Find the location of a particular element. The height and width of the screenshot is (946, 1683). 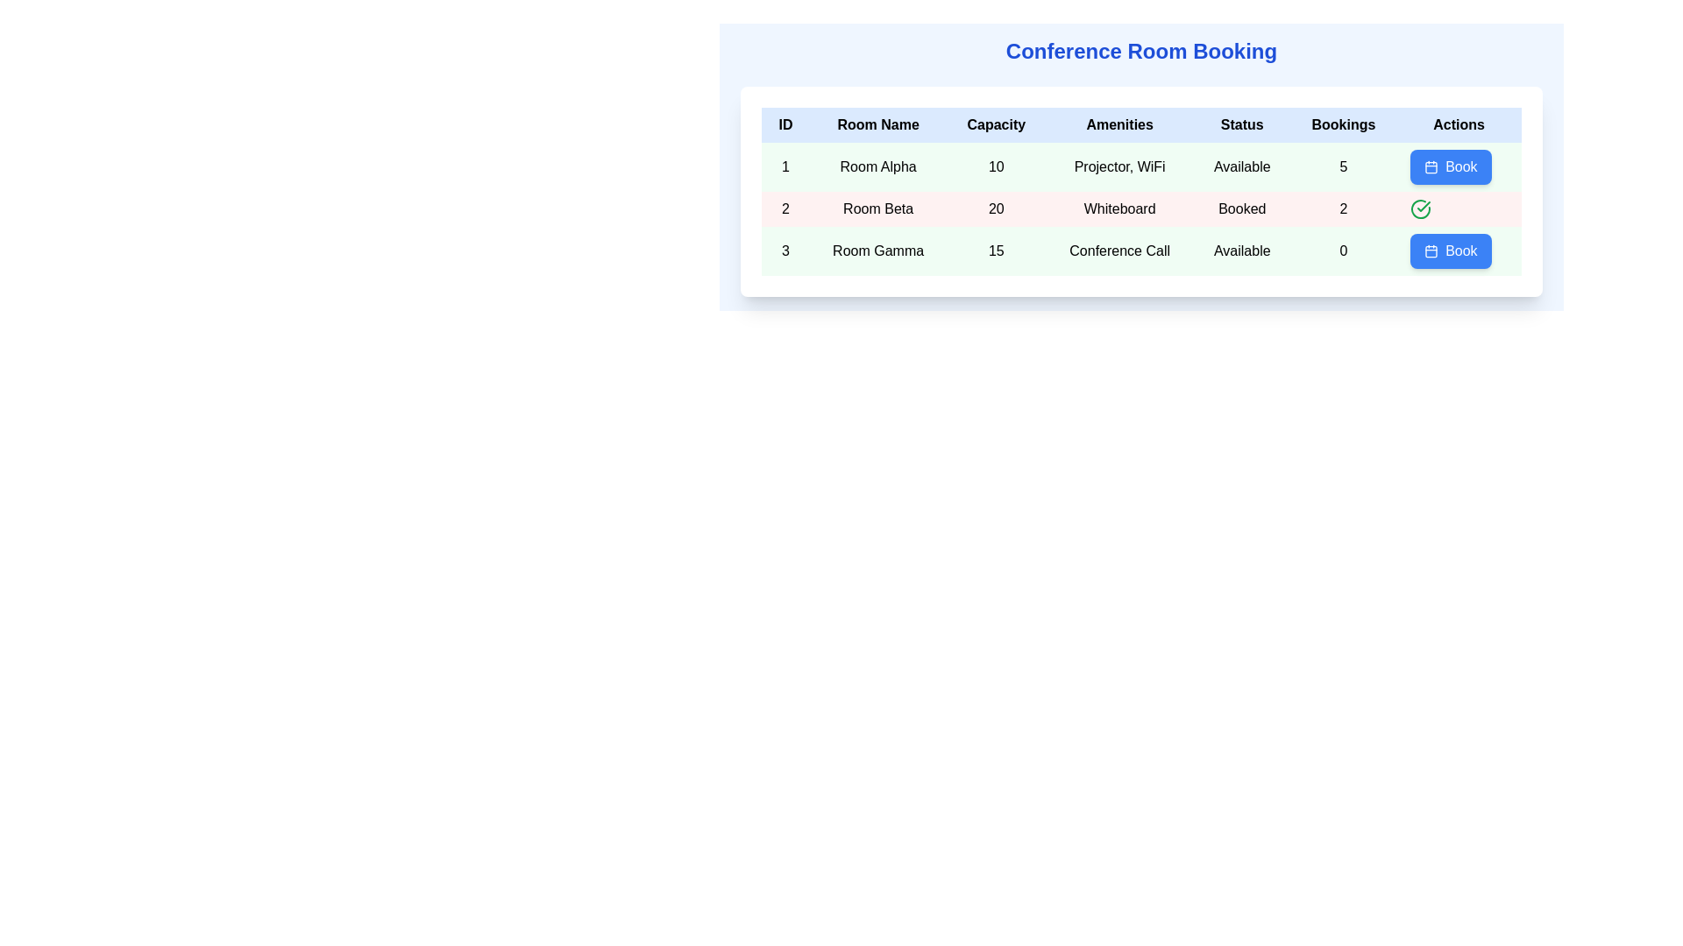

the 'Amenities' text label located in the fourth column of the header row in the conference room booking interface is located at coordinates (1118, 124).